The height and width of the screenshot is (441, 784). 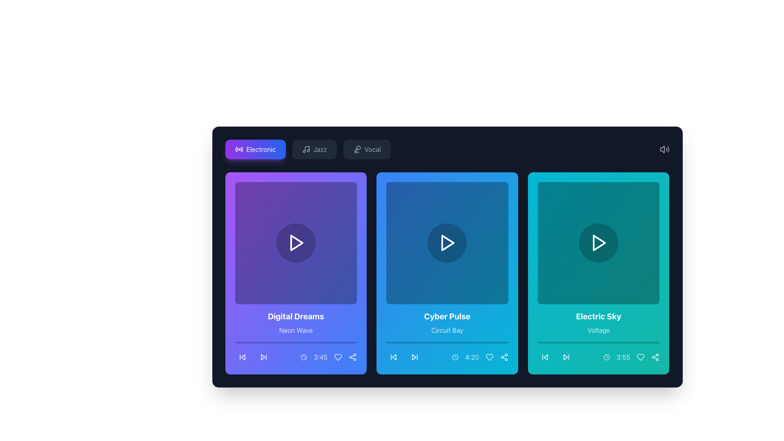 I want to click on the microphone icon located inside the 'Vocal' button, which is on the rightmost side of a row of buttons at the top of the interface, so click(x=357, y=149).